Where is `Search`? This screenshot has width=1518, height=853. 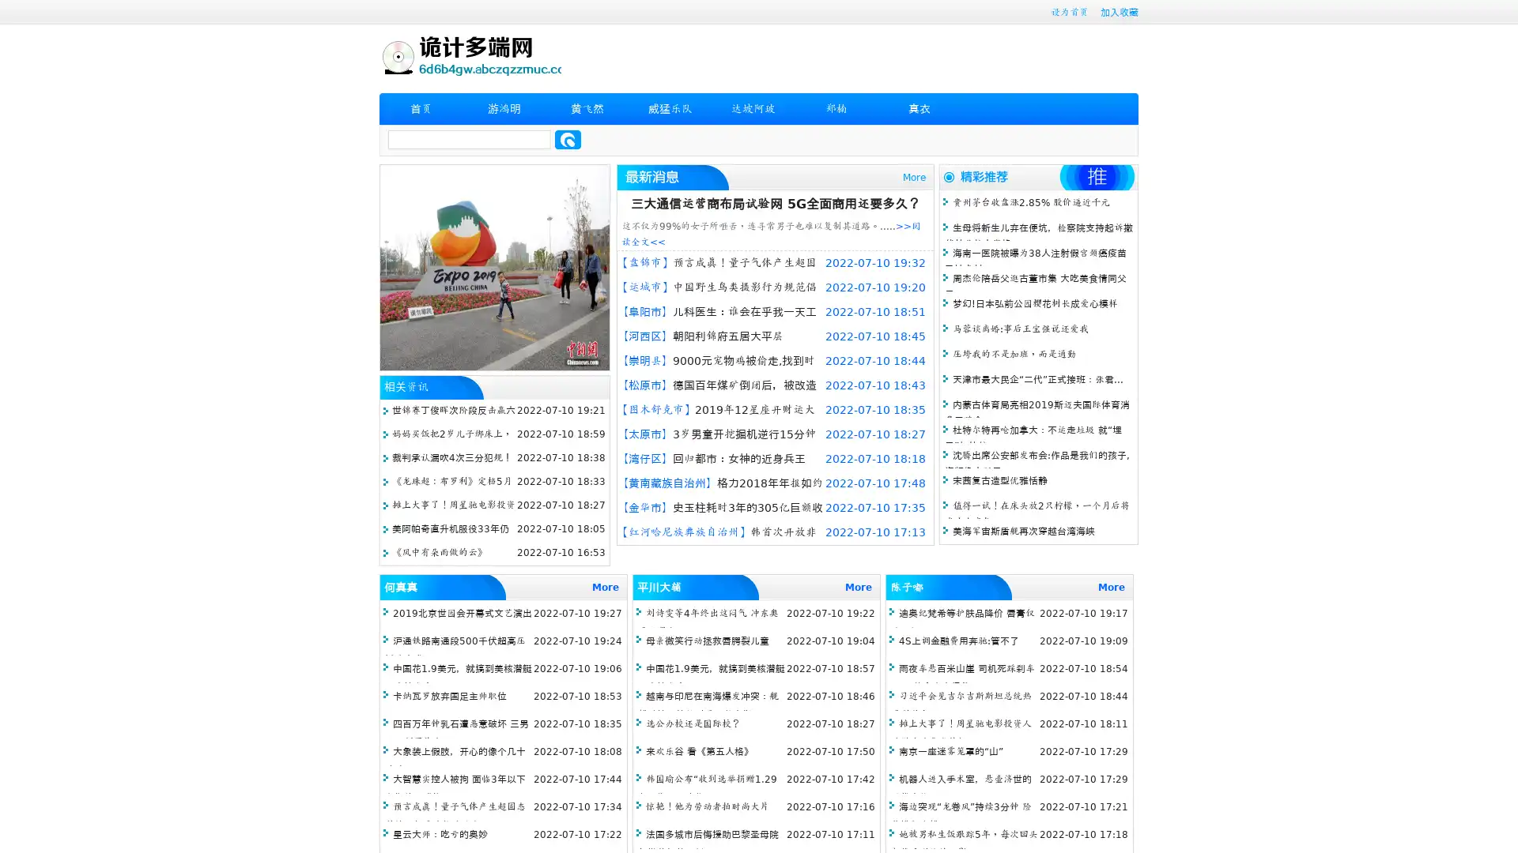 Search is located at coordinates (568, 139).